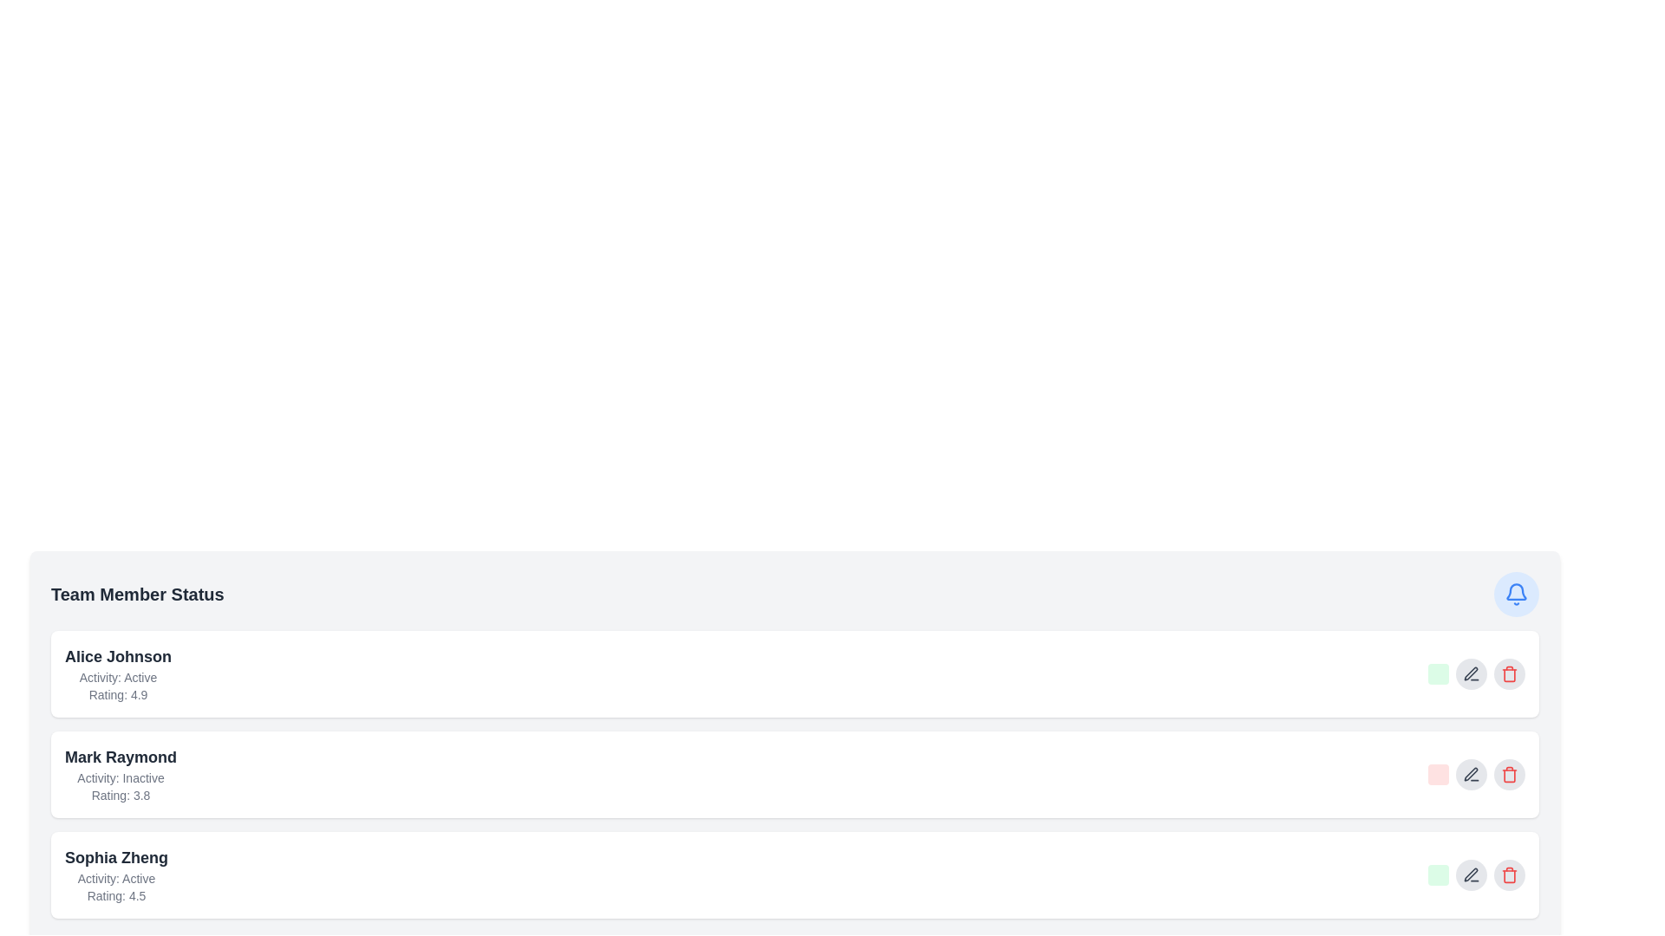 This screenshot has width=1665, height=936. What do you see at coordinates (1471, 875) in the screenshot?
I see `the edit button located in the third row of the member table to observe the hover effect` at bounding box center [1471, 875].